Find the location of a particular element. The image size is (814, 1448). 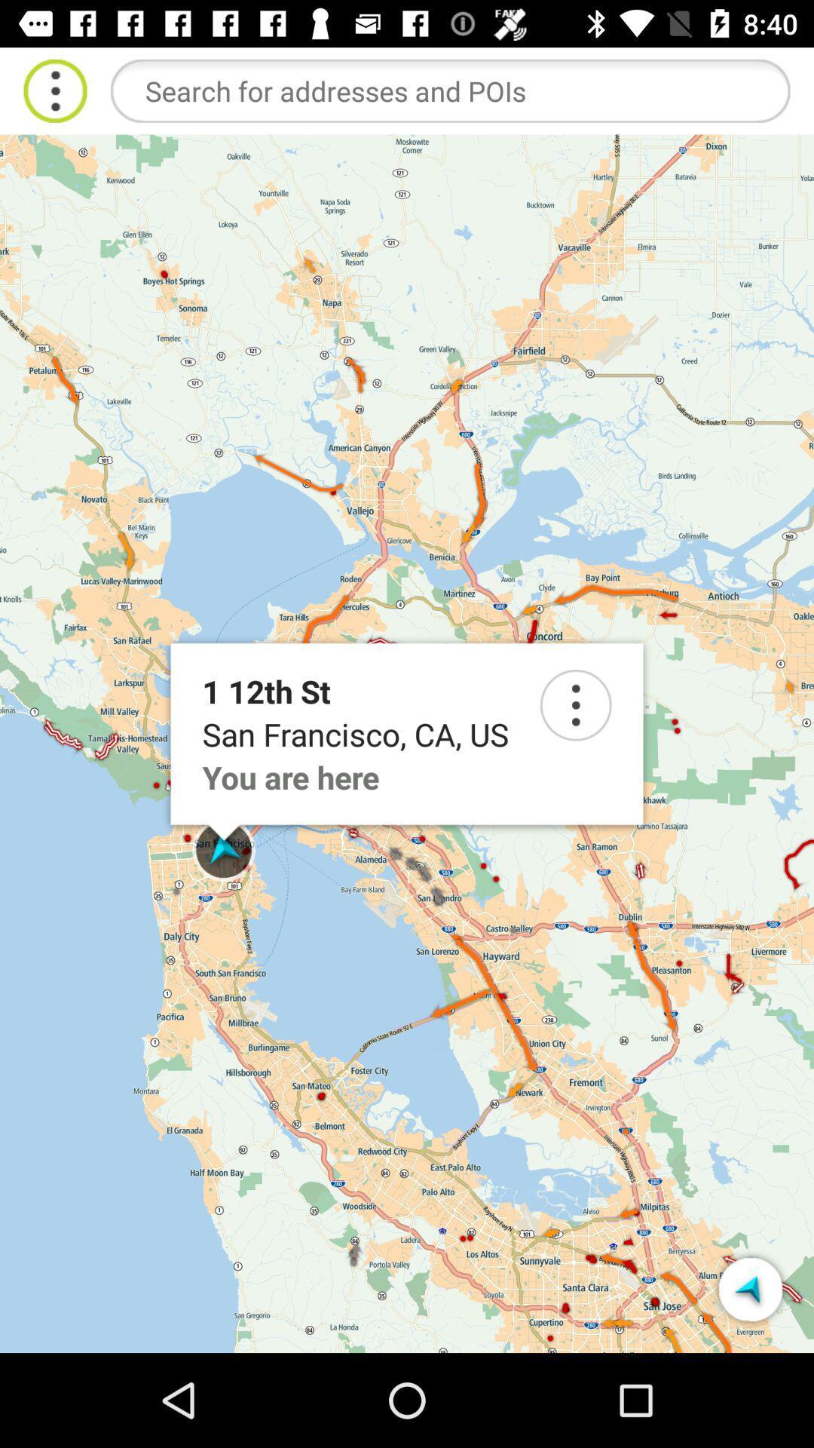

customize is located at coordinates (54, 90).